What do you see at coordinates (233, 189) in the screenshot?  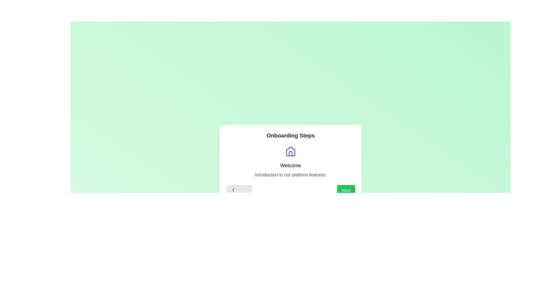 I see `the navigation button icon located in the lower-left corner of the onboarding modal, which is intended for moving to the previous step in the process` at bounding box center [233, 189].